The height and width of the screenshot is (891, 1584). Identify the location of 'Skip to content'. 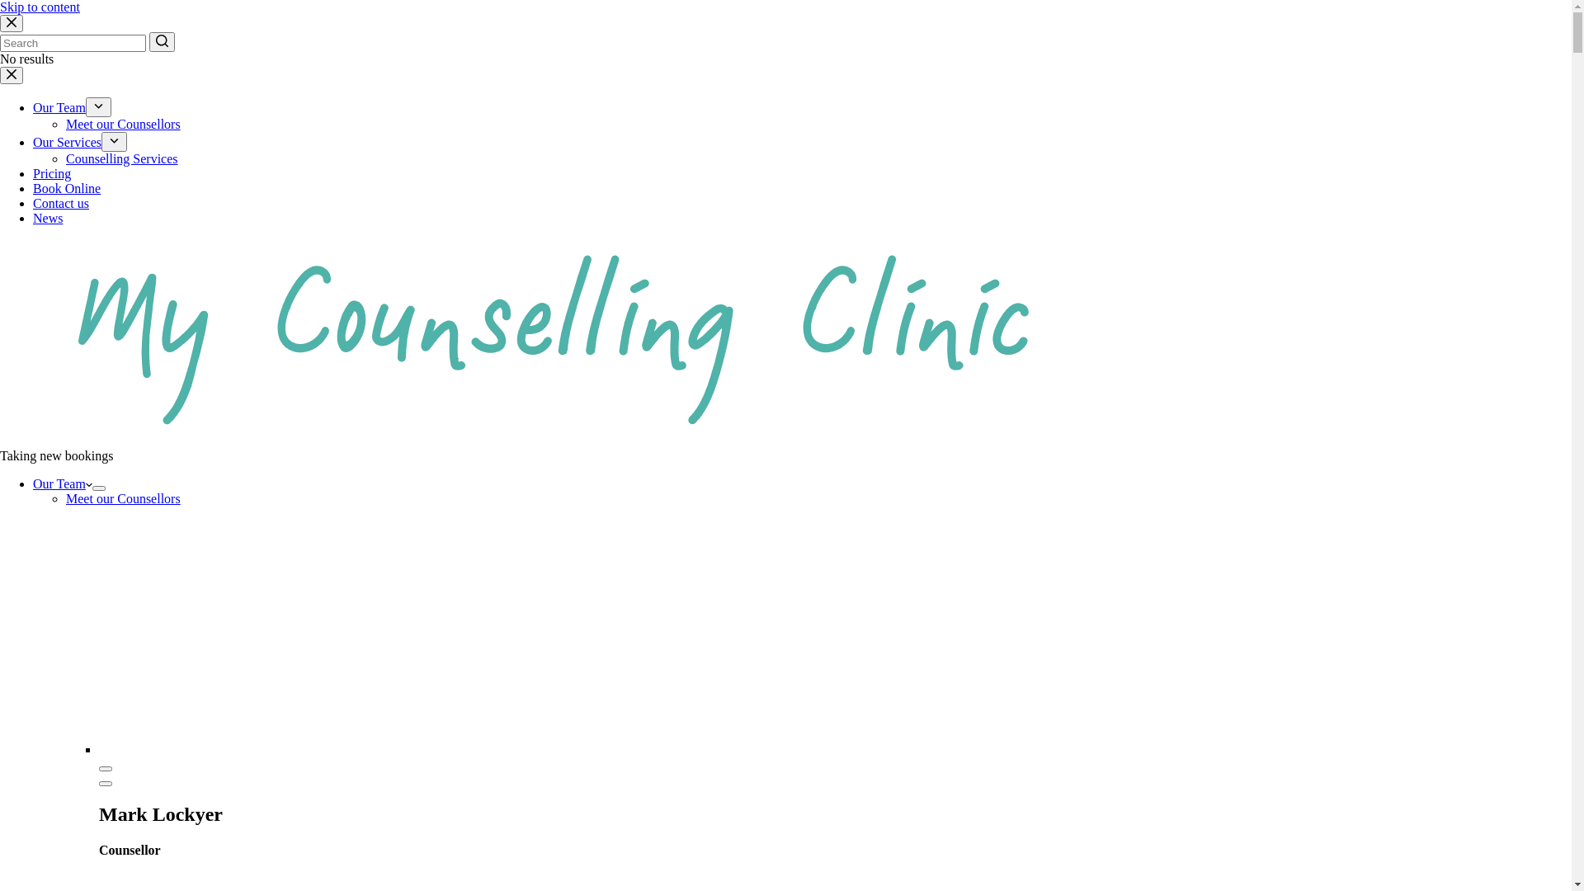
(40, 7).